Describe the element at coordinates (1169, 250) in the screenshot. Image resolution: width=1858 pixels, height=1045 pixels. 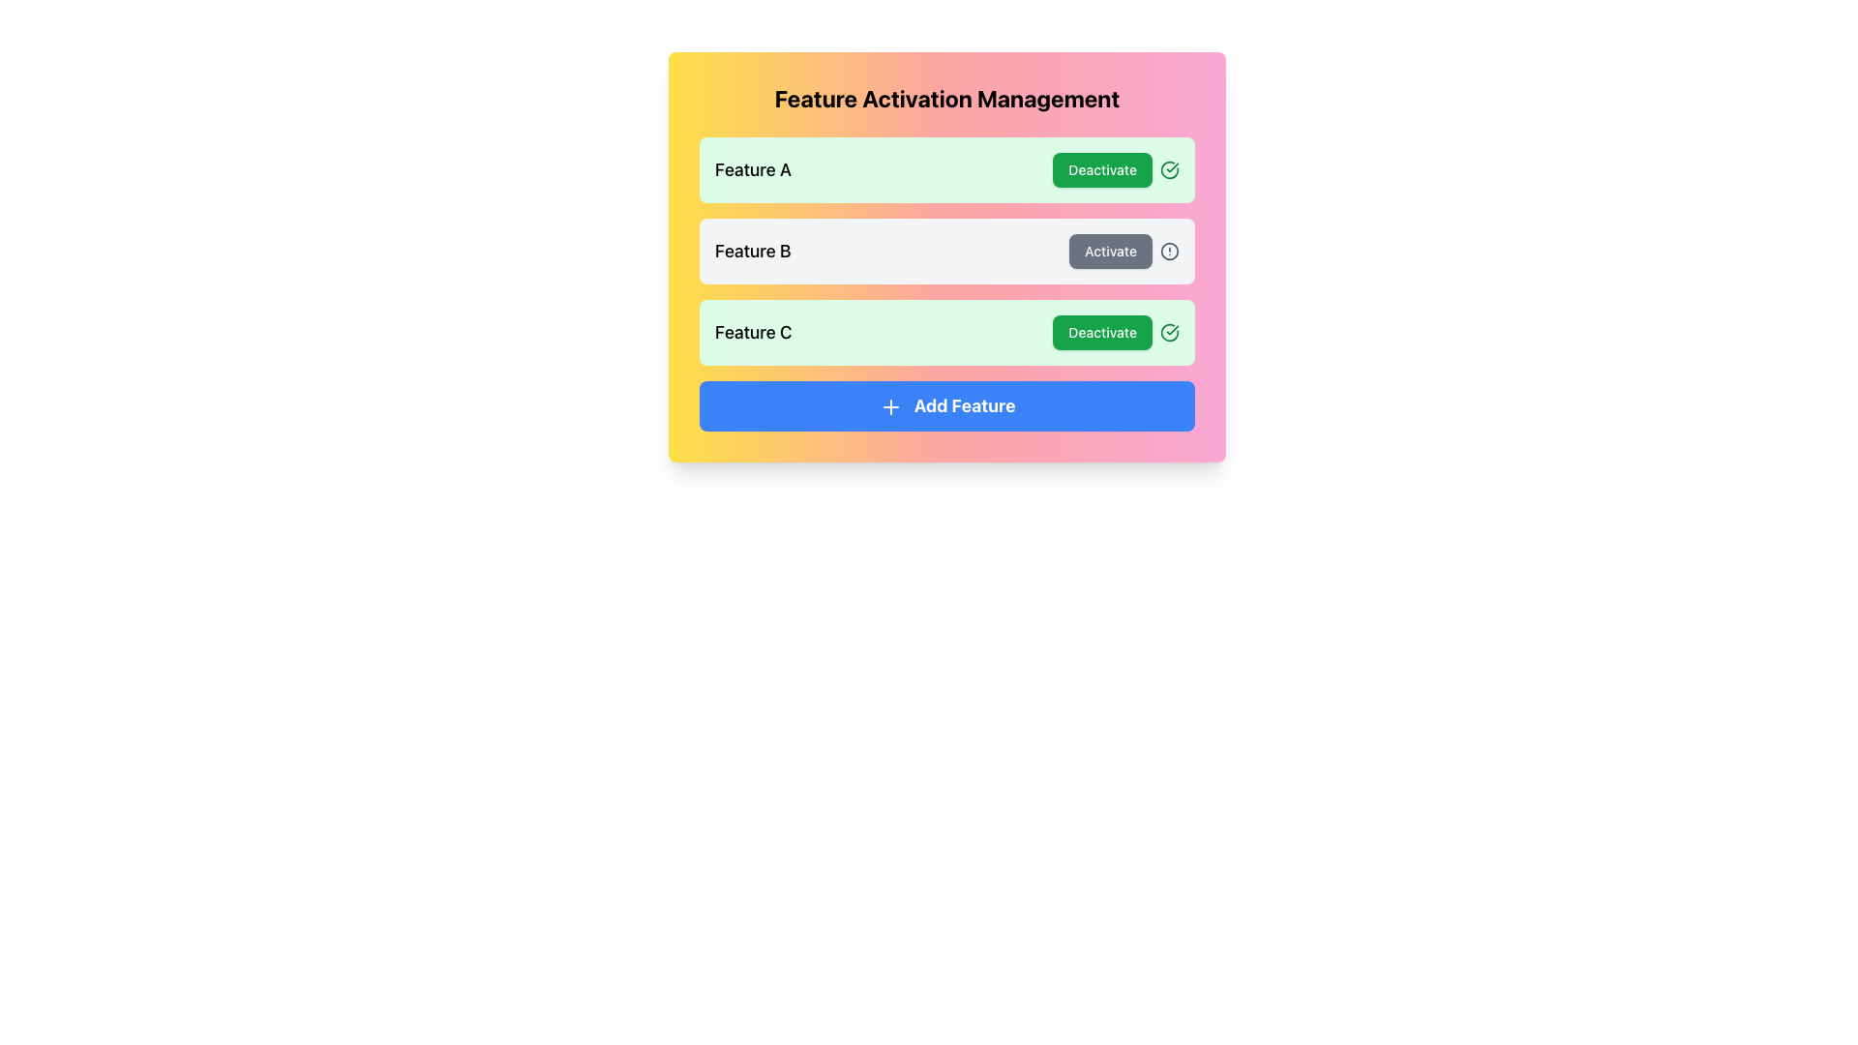
I see `the circular graphic component within the interactive icon that indicates a state or alert, located to the right of the 'Activate' button in the 'Feature B' row of the 'Feature Activation Management' UI` at that location.